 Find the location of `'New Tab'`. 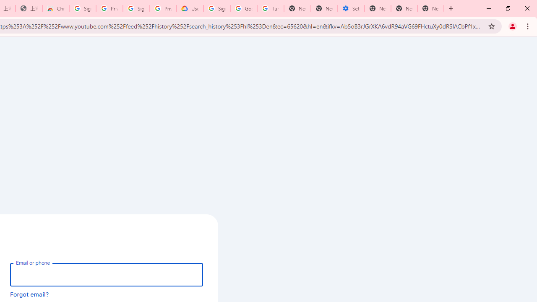

'New Tab' is located at coordinates (430, 8).